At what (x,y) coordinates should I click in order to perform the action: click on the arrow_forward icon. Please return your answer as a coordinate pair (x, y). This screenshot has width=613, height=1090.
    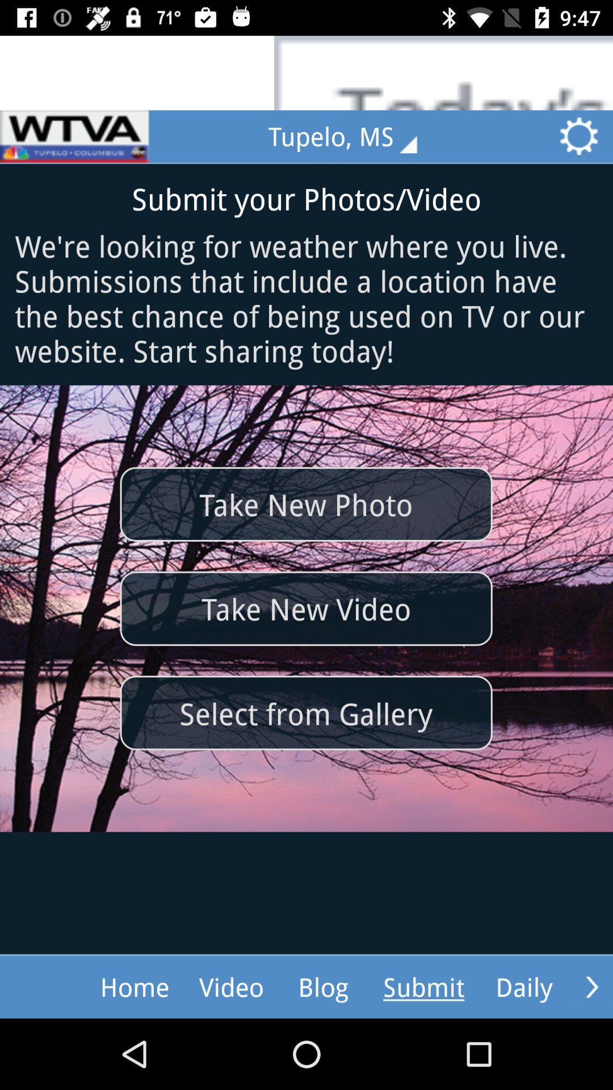
    Looking at the image, I should click on (591, 986).